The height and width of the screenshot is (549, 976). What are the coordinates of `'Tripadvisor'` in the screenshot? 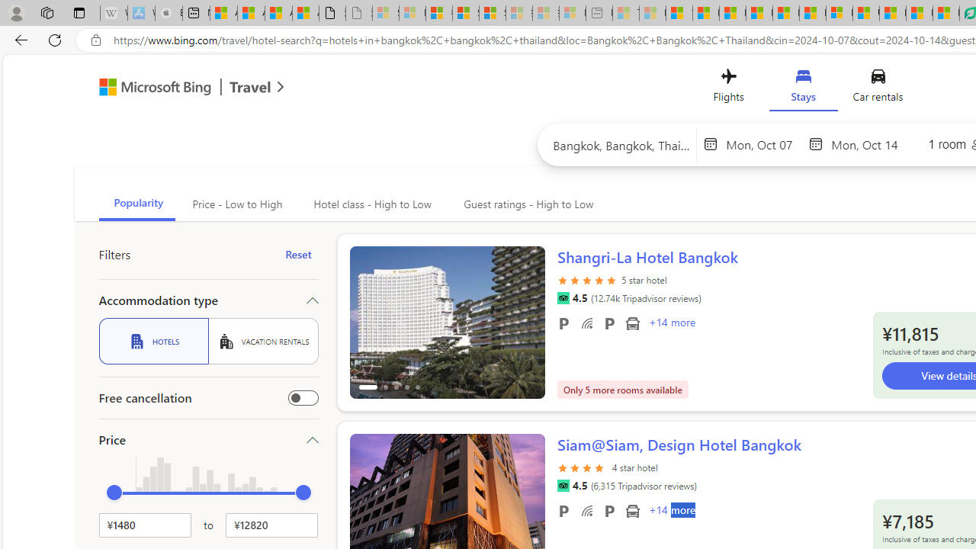 It's located at (562, 486).